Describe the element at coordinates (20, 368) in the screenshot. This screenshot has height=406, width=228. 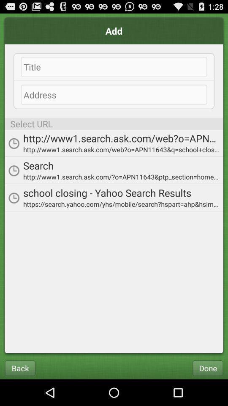
I see `back at the bottom left corner` at that location.